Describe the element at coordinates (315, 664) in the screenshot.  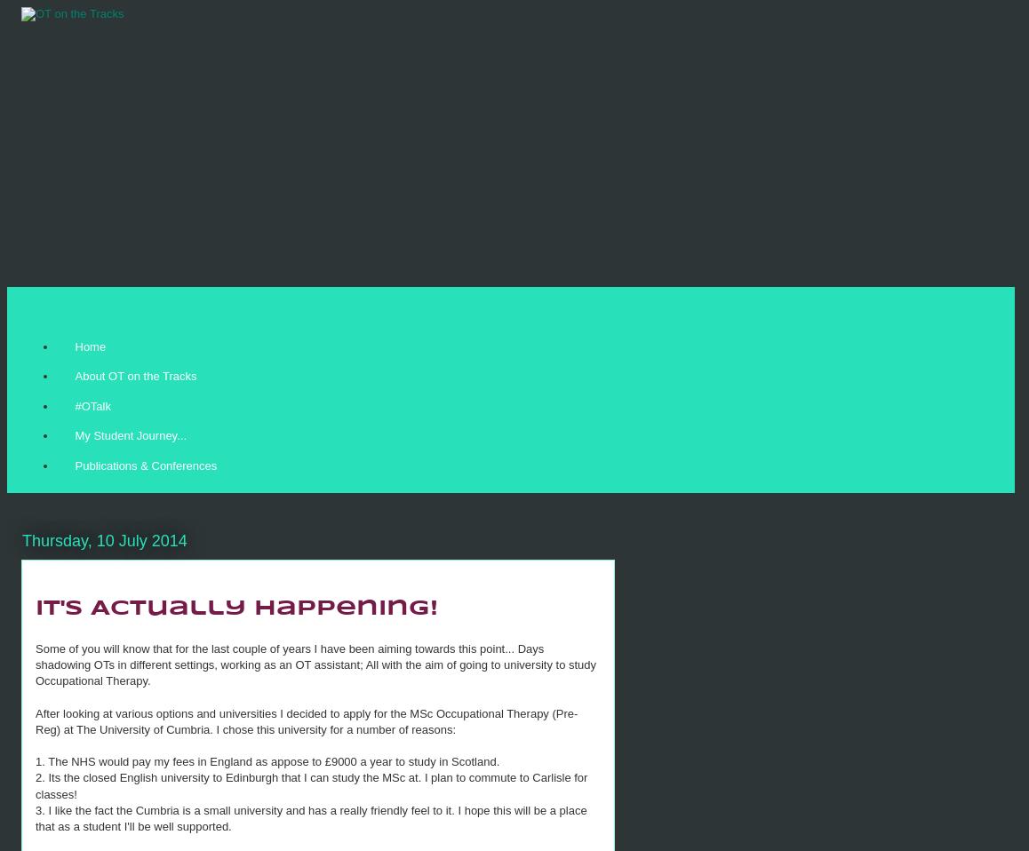
I see `'Some of you will know that for the last couple of years I have been aiming towards this point... Days shadowing OTs in different settings, working as an OT assistant; All with the aim of going to university to study Occupational Therapy.'` at that location.